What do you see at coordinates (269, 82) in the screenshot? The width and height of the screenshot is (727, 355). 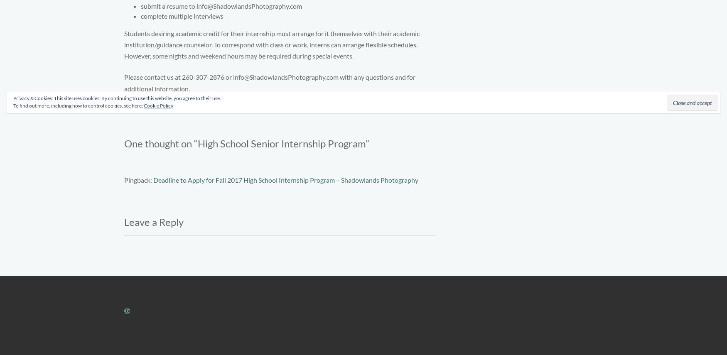 I see `'Please contact us at 260-307-2876 or info@ShadowlandsPhotography.com with any questions and for additional information.'` at bounding box center [269, 82].